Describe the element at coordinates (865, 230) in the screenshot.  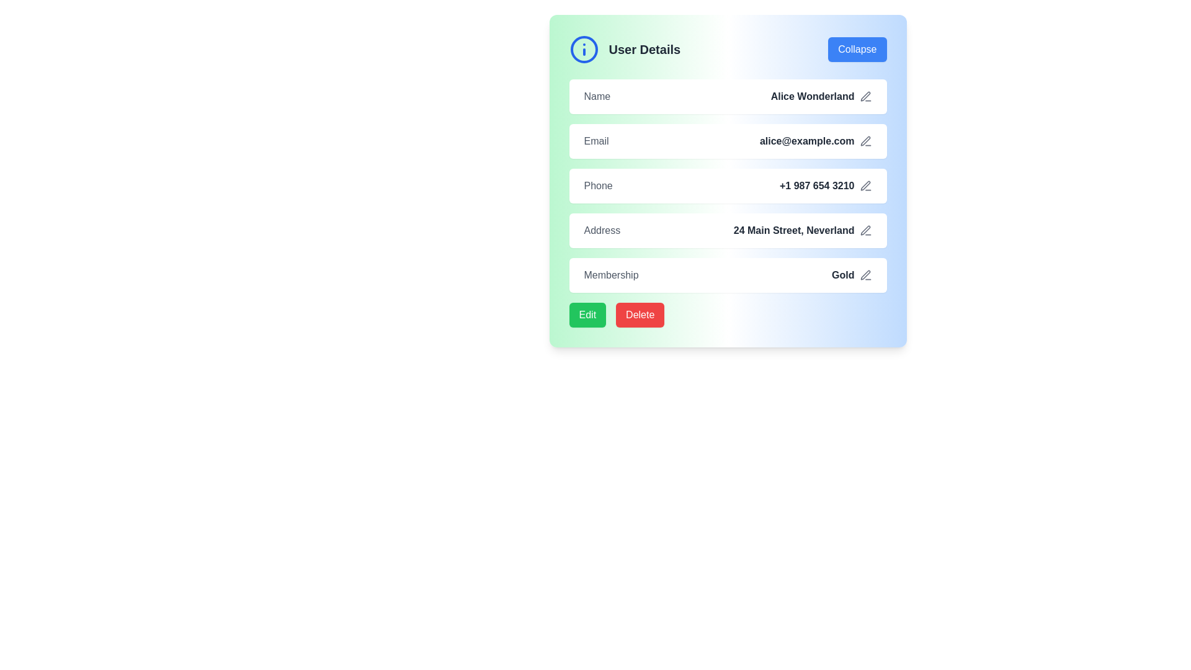
I see `the edit icon located to the right side of the 'Address' field in the vertical list of user details` at that location.